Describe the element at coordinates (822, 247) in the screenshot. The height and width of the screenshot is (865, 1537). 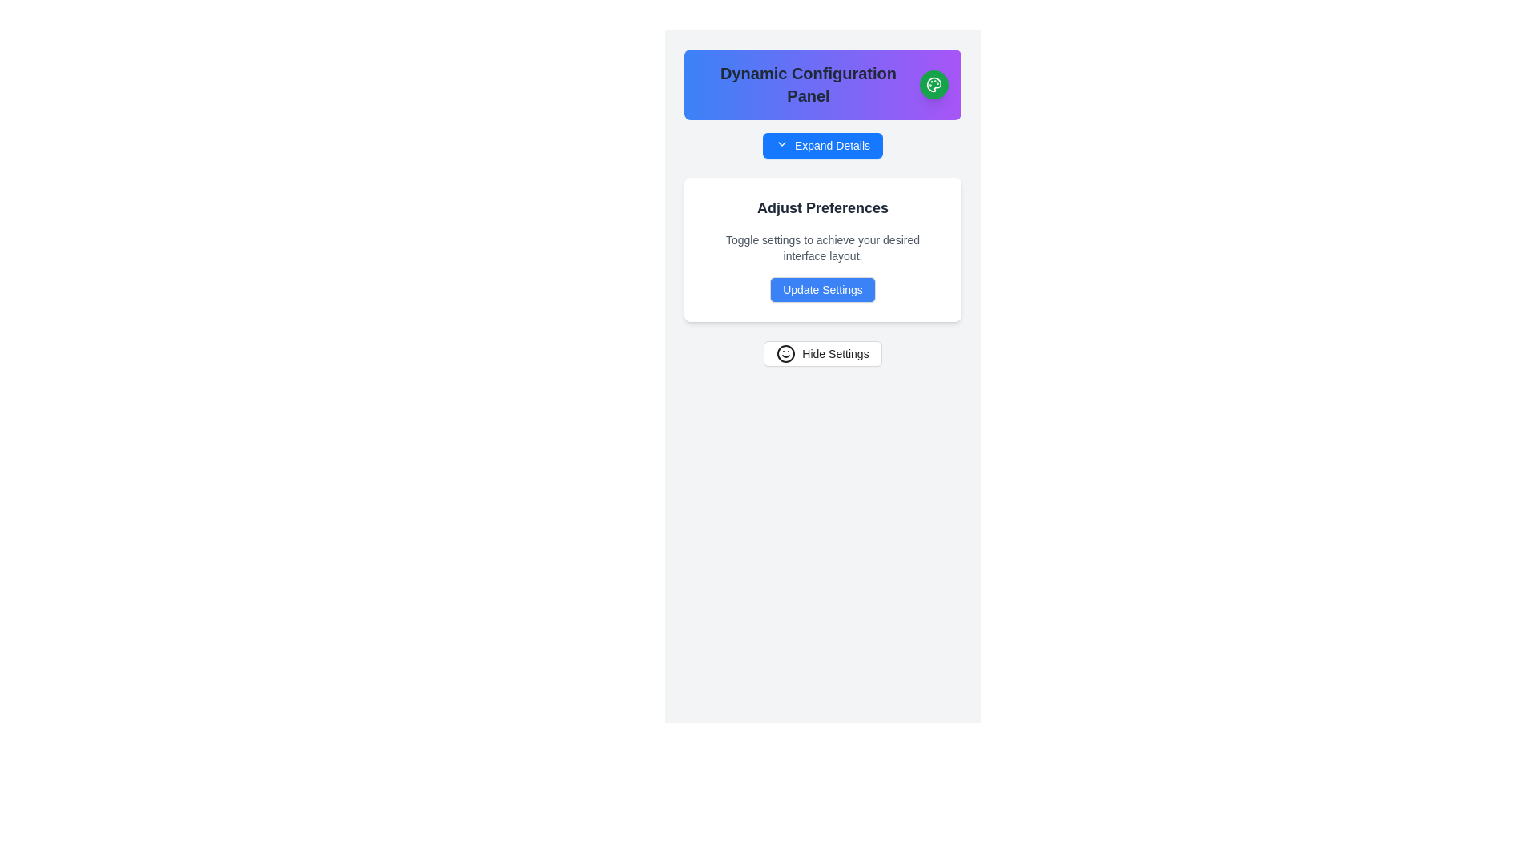
I see `the text element styled in small, gray-colored font located beneath the 'Adjust Preferences' heading in the settings module` at that location.